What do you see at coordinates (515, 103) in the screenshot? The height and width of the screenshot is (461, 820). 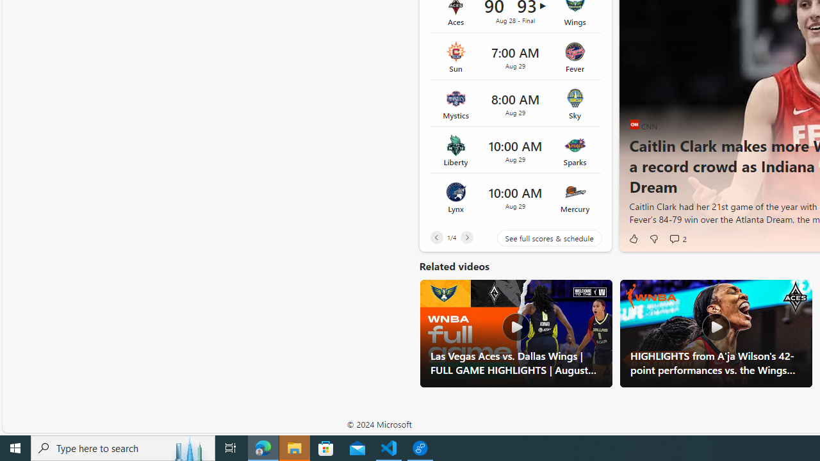 I see `'Mystics vs Sky Time 8:00 AM Date Aug 29'` at bounding box center [515, 103].